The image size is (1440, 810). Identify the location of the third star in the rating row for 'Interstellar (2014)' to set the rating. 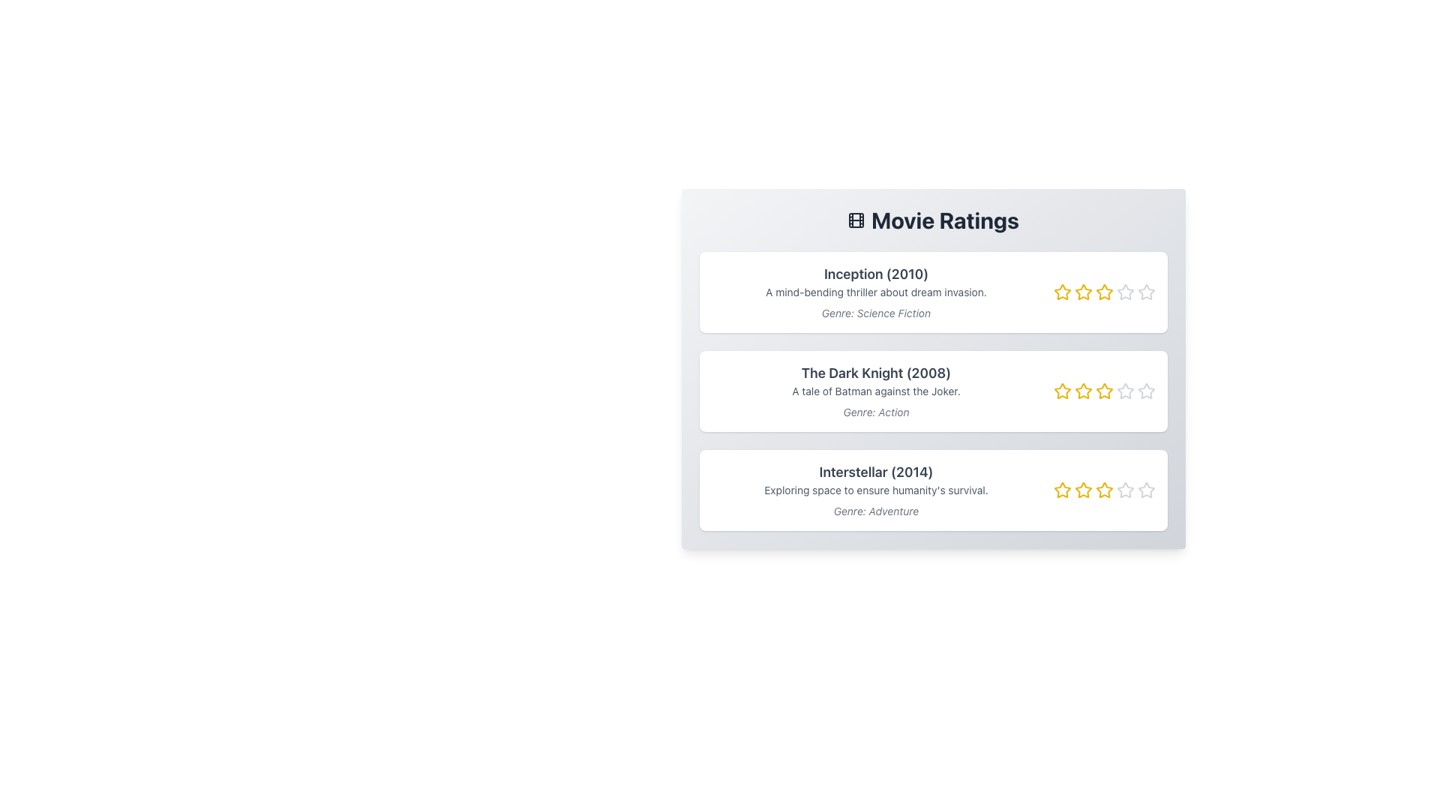
(1104, 490).